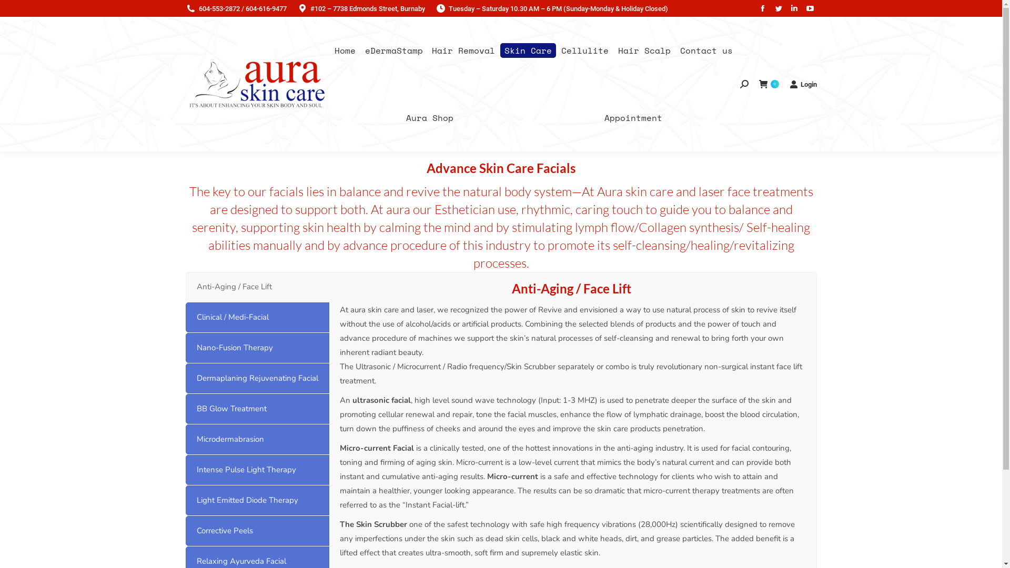 The width and height of the screenshot is (1010, 568). What do you see at coordinates (789, 84) in the screenshot?
I see `'Login'` at bounding box center [789, 84].